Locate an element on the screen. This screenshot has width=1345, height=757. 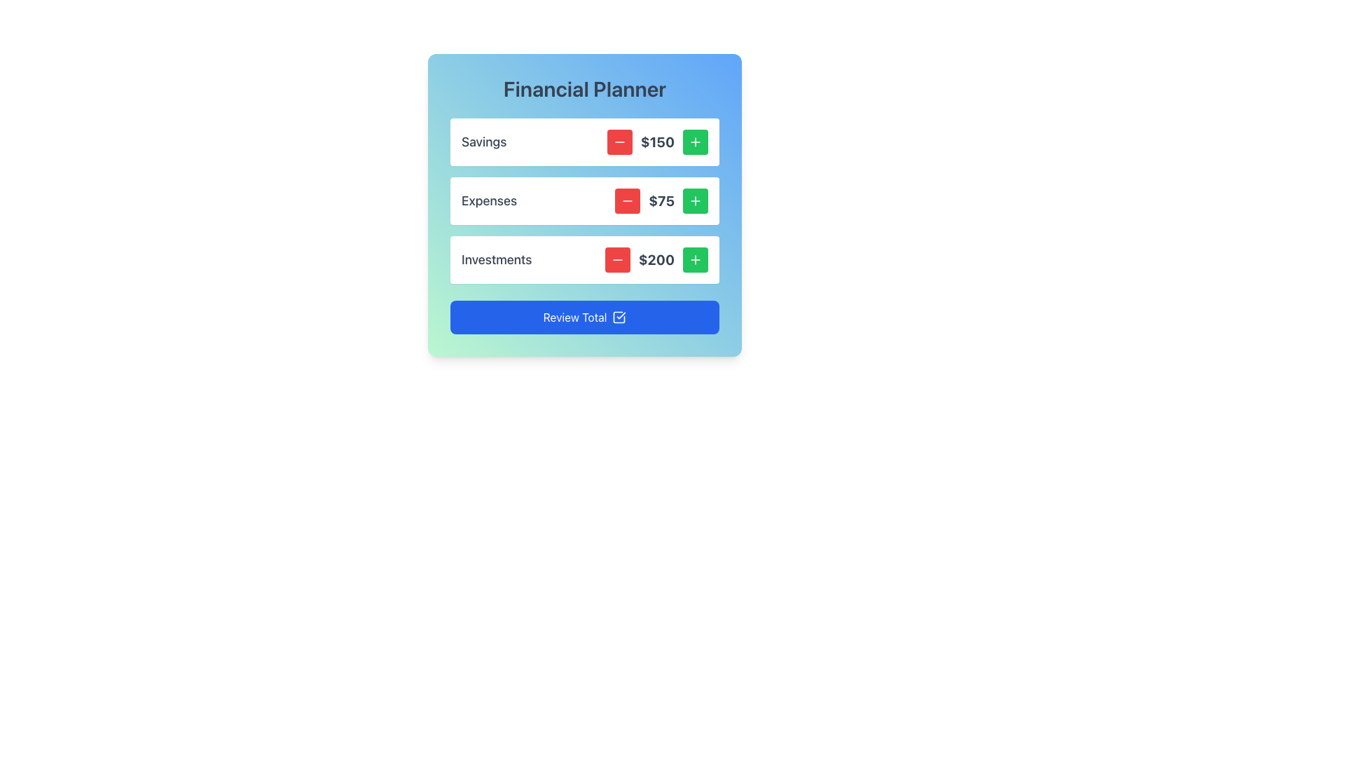
the 'plus' button adjacent to the '$150' text in the 'Savings' row of the 'Financial Planner' card is located at coordinates (696, 142).